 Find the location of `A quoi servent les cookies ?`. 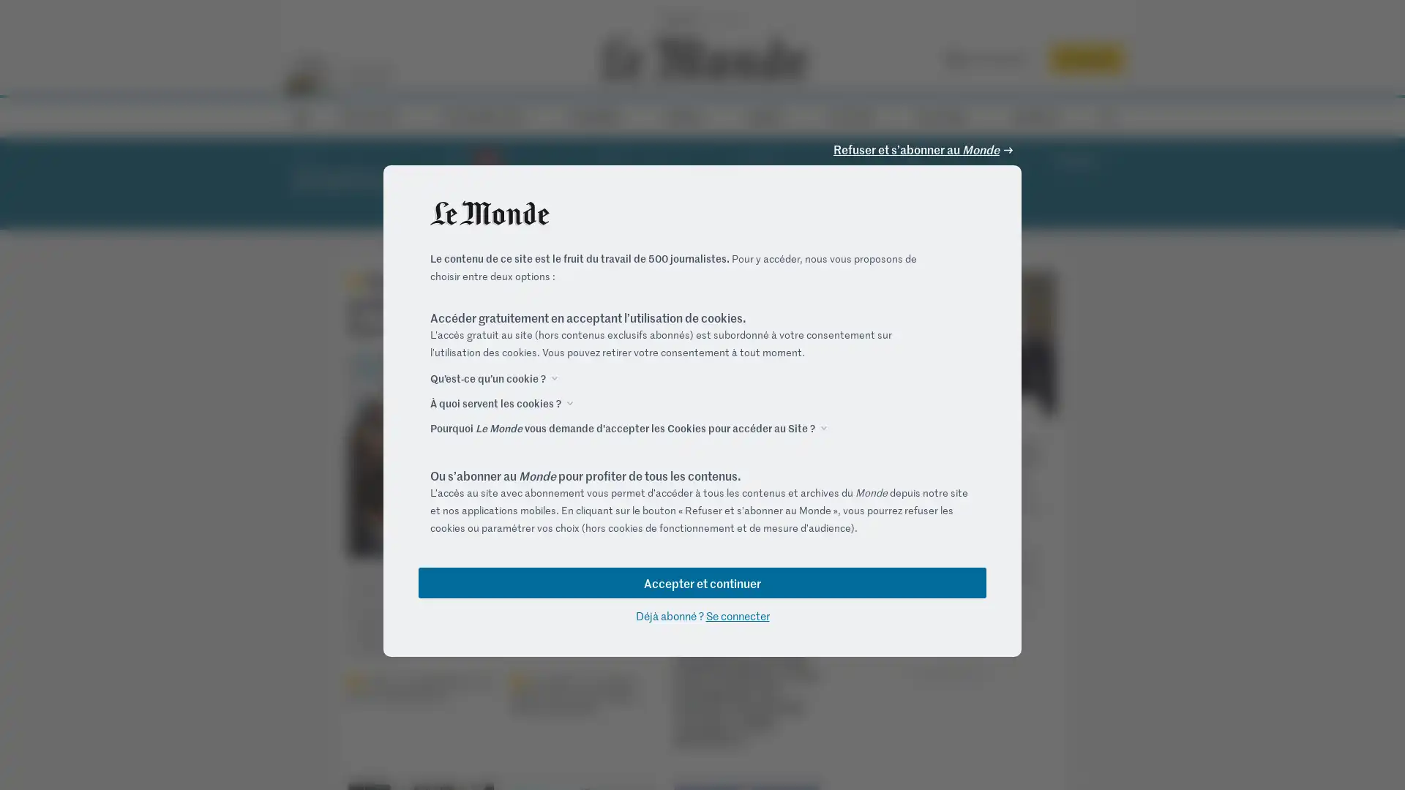

A quoi servent les cookies ? is located at coordinates (495, 403).